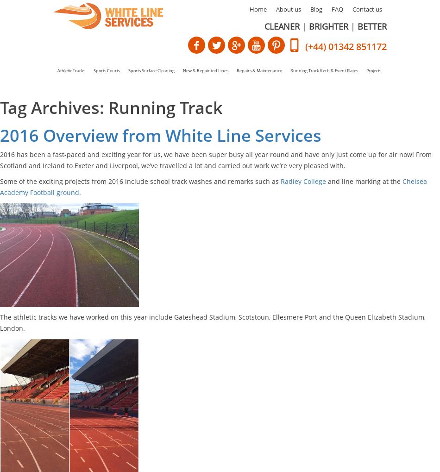  What do you see at coordinates (79, 192) in the screenshot?
I see `'.'` at bounding box center [79, 192].